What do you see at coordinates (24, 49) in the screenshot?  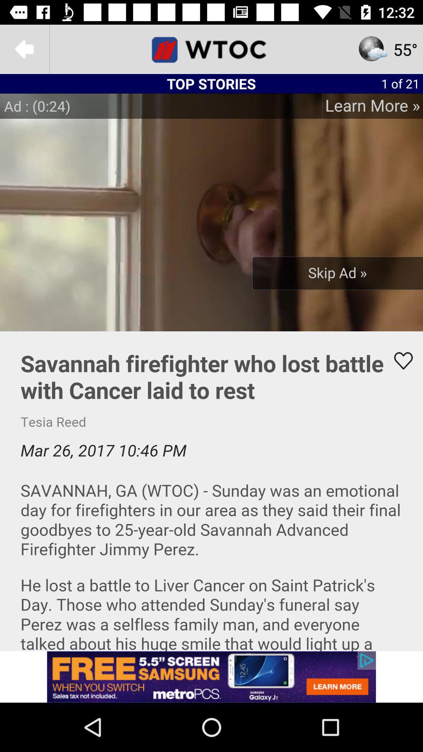 I see `goback` at bounding box center [24, 49].